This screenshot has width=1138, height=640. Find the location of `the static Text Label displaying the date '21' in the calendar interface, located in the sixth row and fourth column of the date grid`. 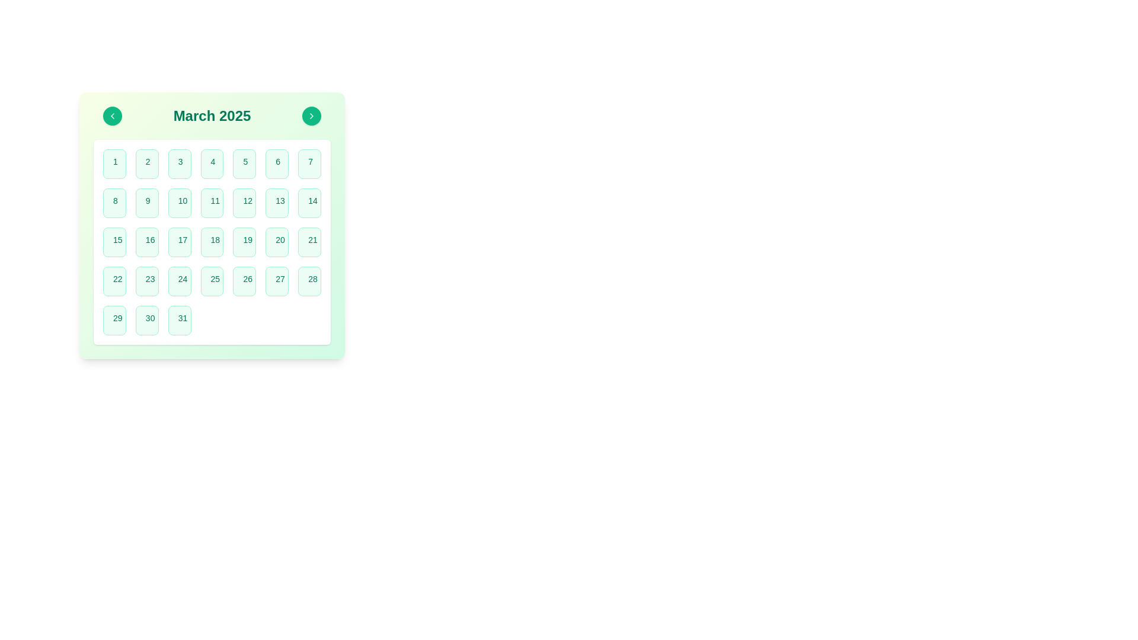

the static Text Label displaying the date '21' in the calendar interface, located in the sixth row and fourth column of the date grid is located at coordinates (313, 240).